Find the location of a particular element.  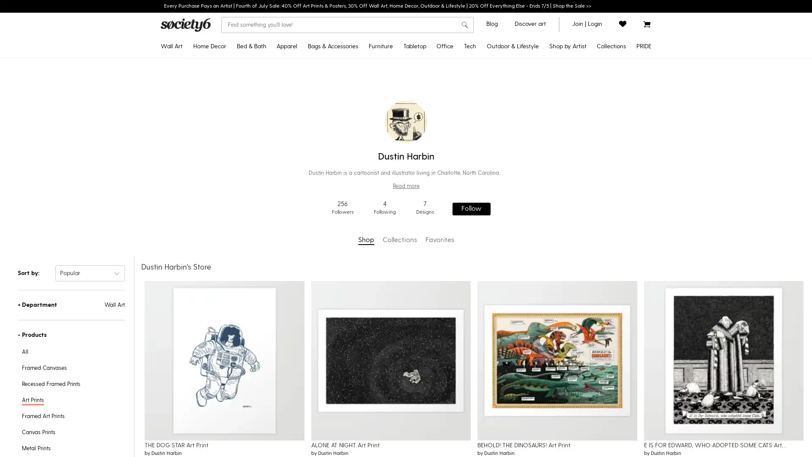

Counter Stools is located at coordinates (395, 108).